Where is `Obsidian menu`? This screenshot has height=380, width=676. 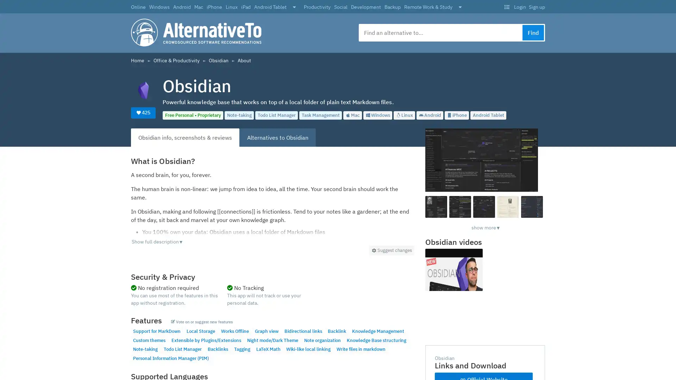 Obsidian menu is located at coordinates (391, 250).